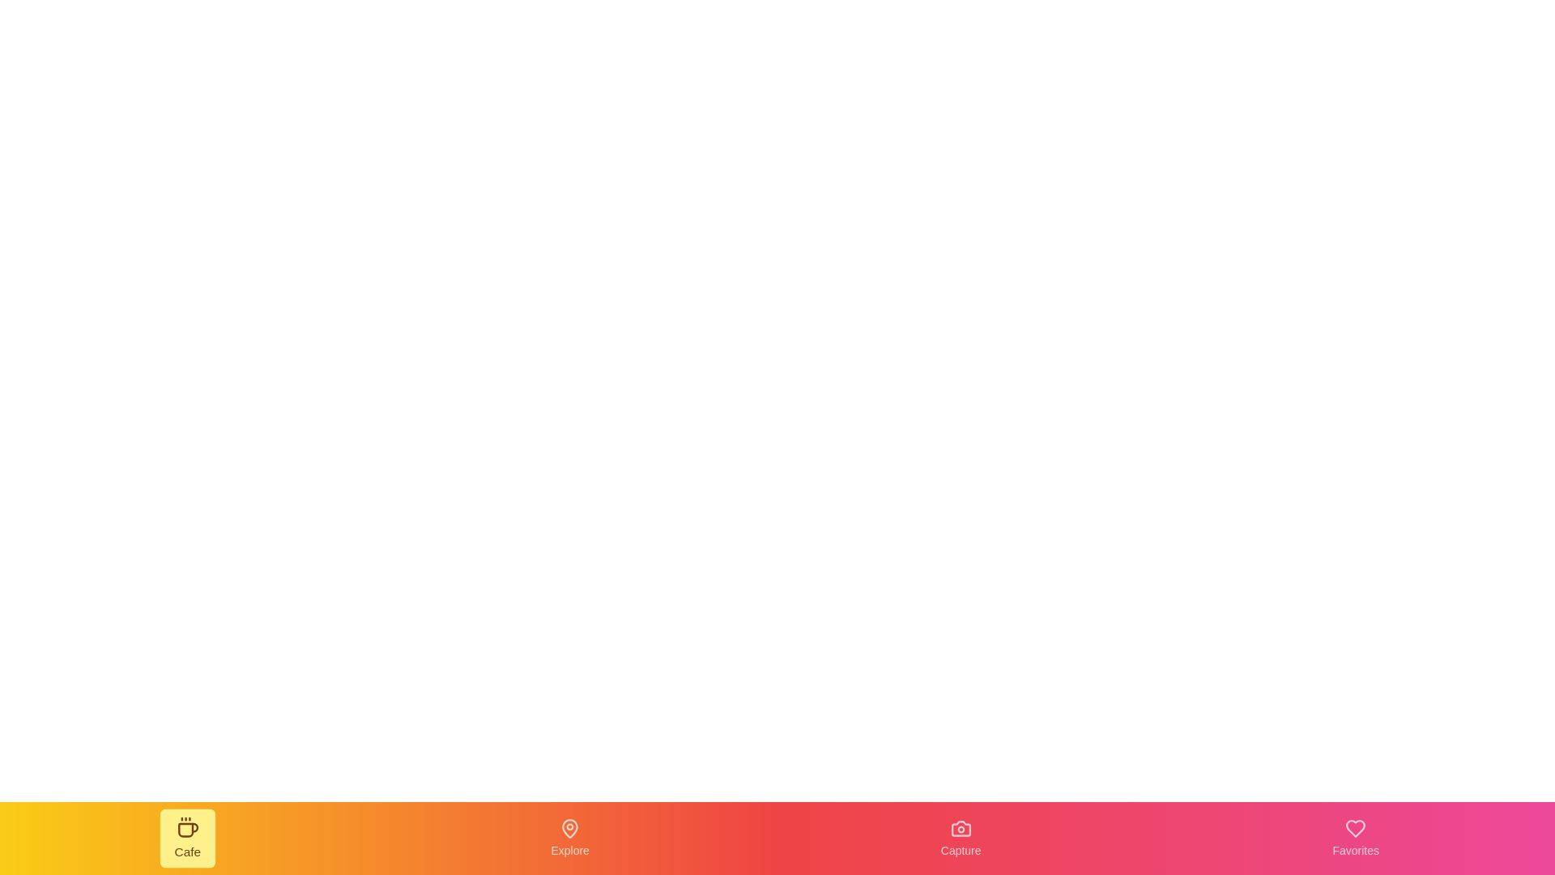 This screenshot has width=1555, height=875. What do you see at coordinates (570, 838) in the screenshot?
I see `the navigation item labeled Explore` at bounding box center [570, 838].